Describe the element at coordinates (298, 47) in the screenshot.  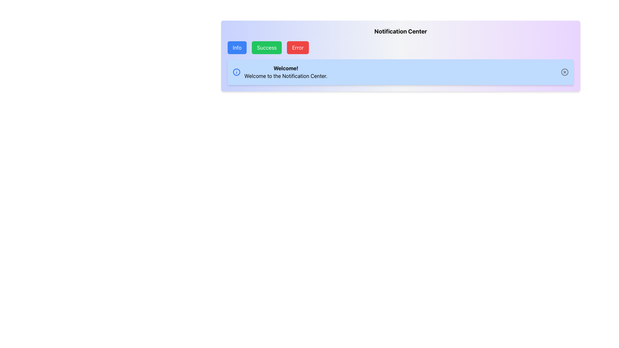
I see `the red 'Error' button located in the notification section` at that location.